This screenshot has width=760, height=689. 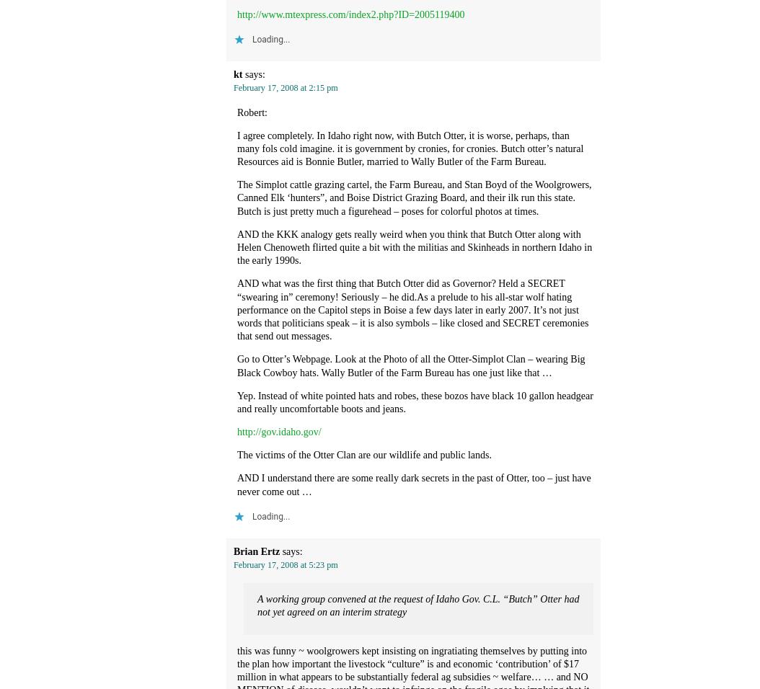 What do you see at coordinates (252, 112) in the screenshot?
I see `'Robert:'` at bounding box center [252, 112].